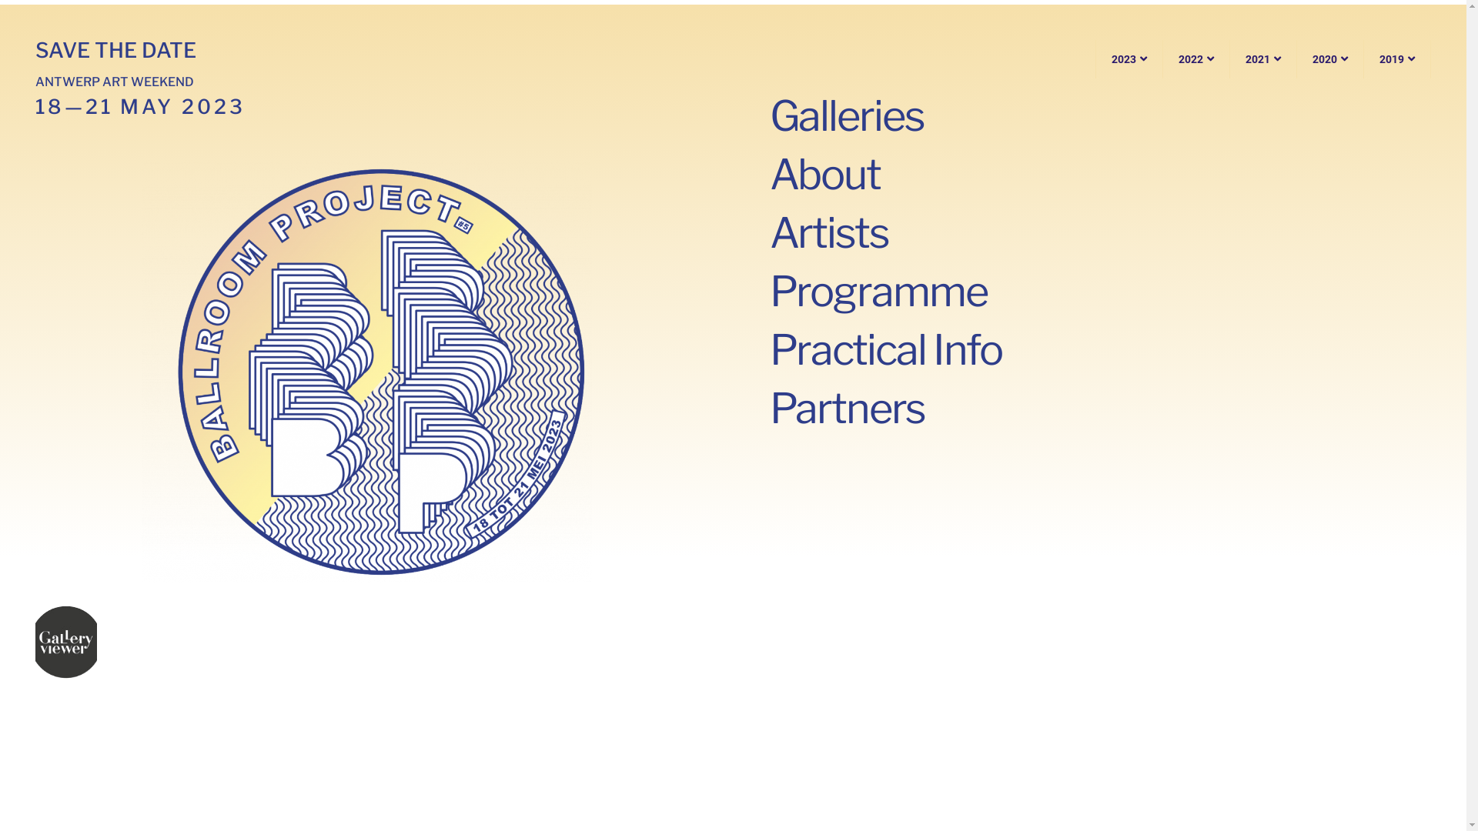 The image size is (1478, 831). What do you see at coordinates (1195, 58) in the screenshot?
I see `'2022'` at bounding box center [1195, 58].